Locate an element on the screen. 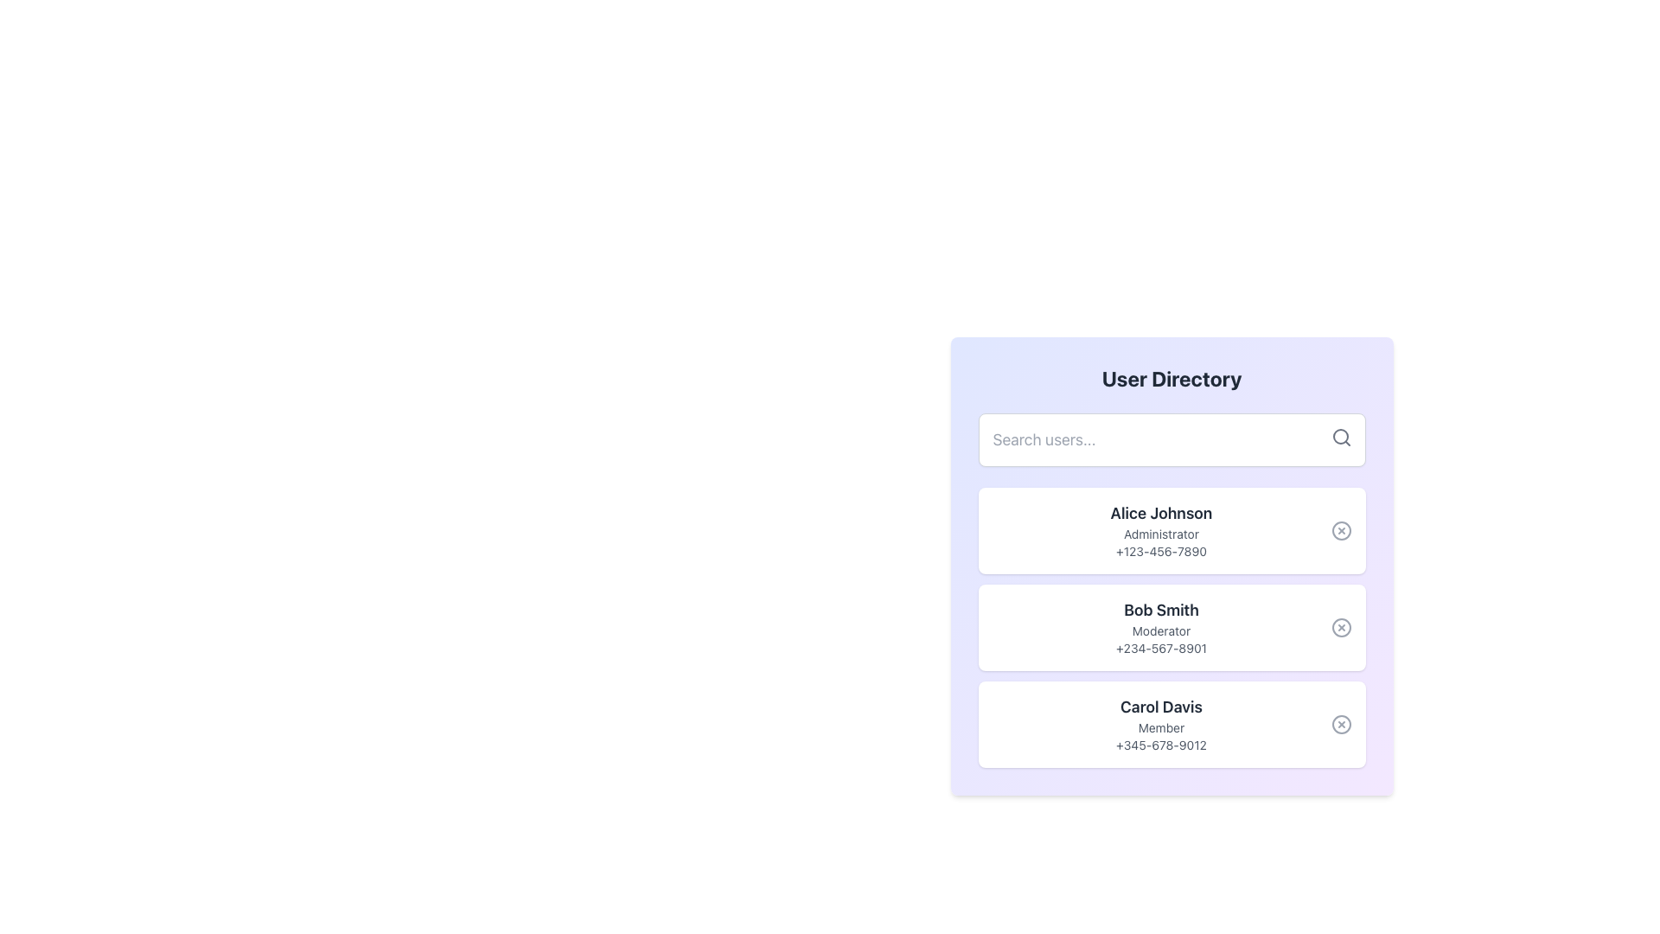  the Information Display Section that shows detailed information about a user, located below 'Alice Johnson' and above 'Carol Davis' in the User Directory is located at coordinates (1161, 627).